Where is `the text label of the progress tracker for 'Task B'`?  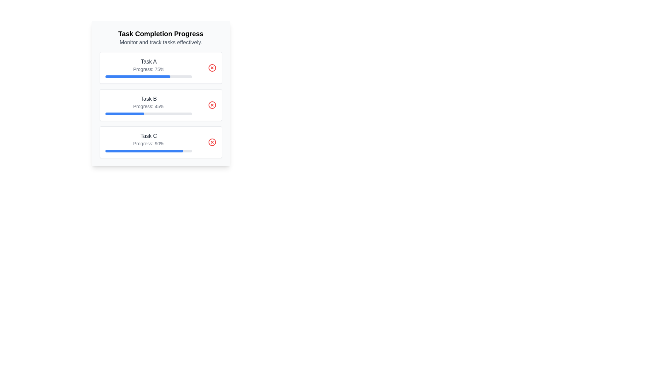 the text label of the progress tracker for 'Task B' is located at coordinates (148, 105).